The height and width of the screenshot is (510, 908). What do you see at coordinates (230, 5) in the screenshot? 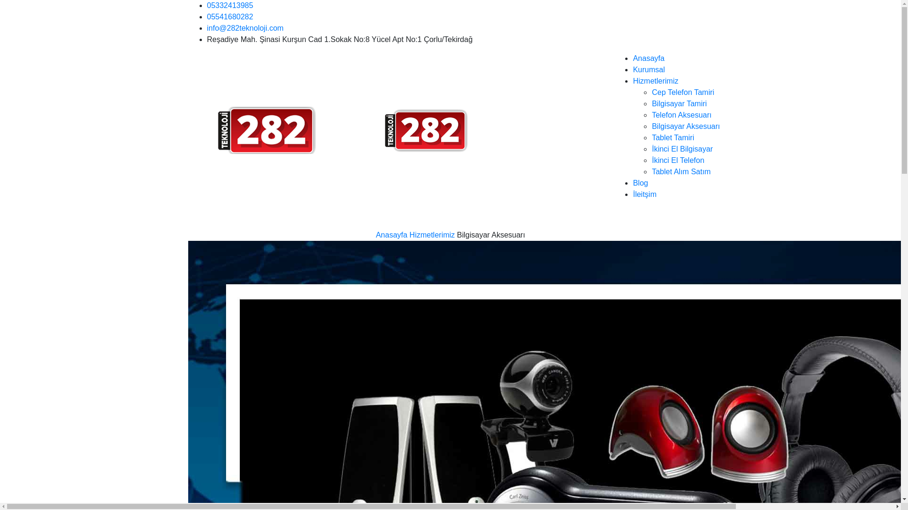
I see `'05332413985'` at bounding box center [230, 5].